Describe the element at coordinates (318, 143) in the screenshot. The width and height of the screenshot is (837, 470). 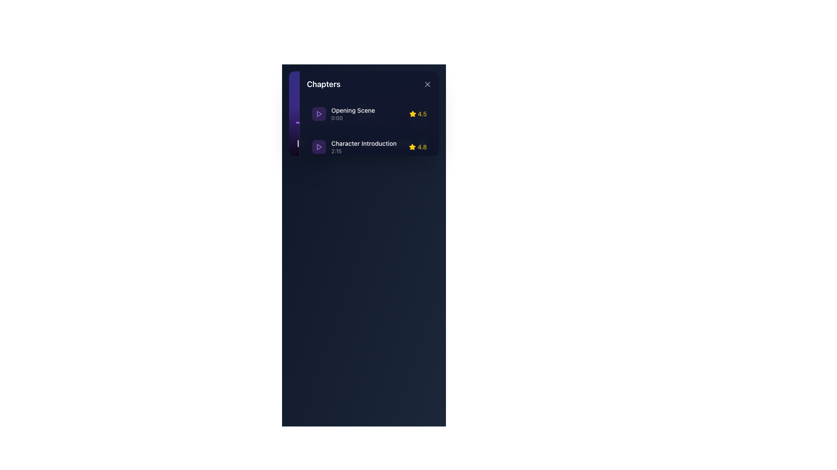
I see `the play button for the second chapter titled 'Character Introduction'` at that location.